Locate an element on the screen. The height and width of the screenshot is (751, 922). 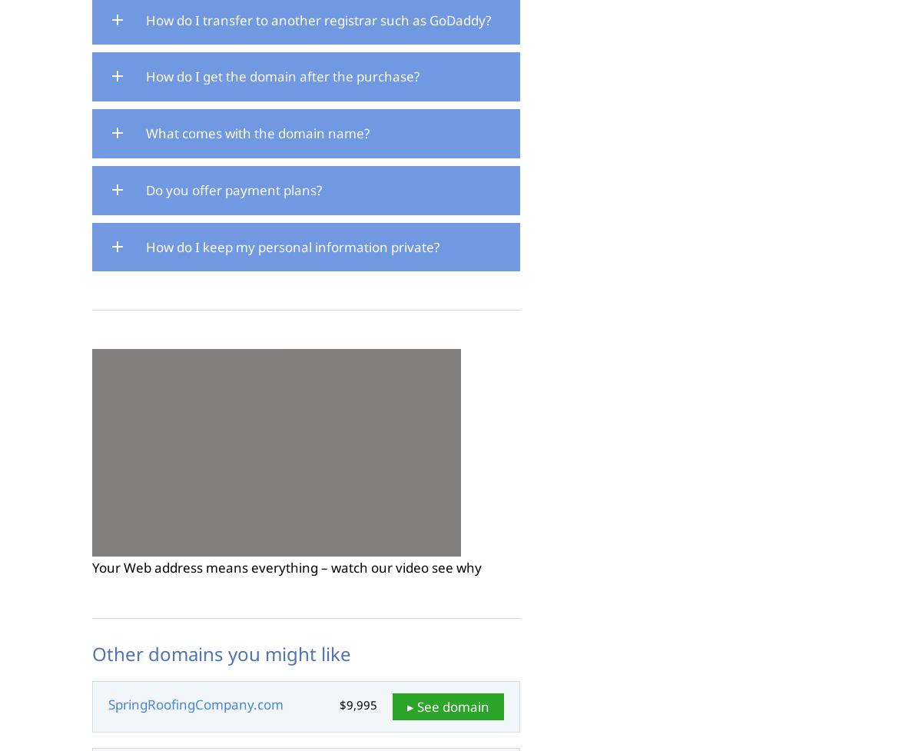
'$9,995' is located at coordinates (357, 704).